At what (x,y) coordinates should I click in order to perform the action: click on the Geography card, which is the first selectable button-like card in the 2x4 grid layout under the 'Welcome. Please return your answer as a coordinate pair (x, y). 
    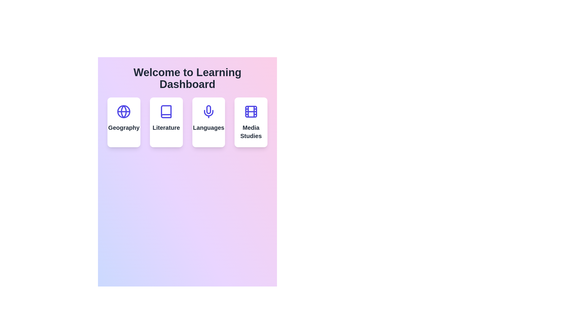
    Looking at the image, I should click on (123, 122).